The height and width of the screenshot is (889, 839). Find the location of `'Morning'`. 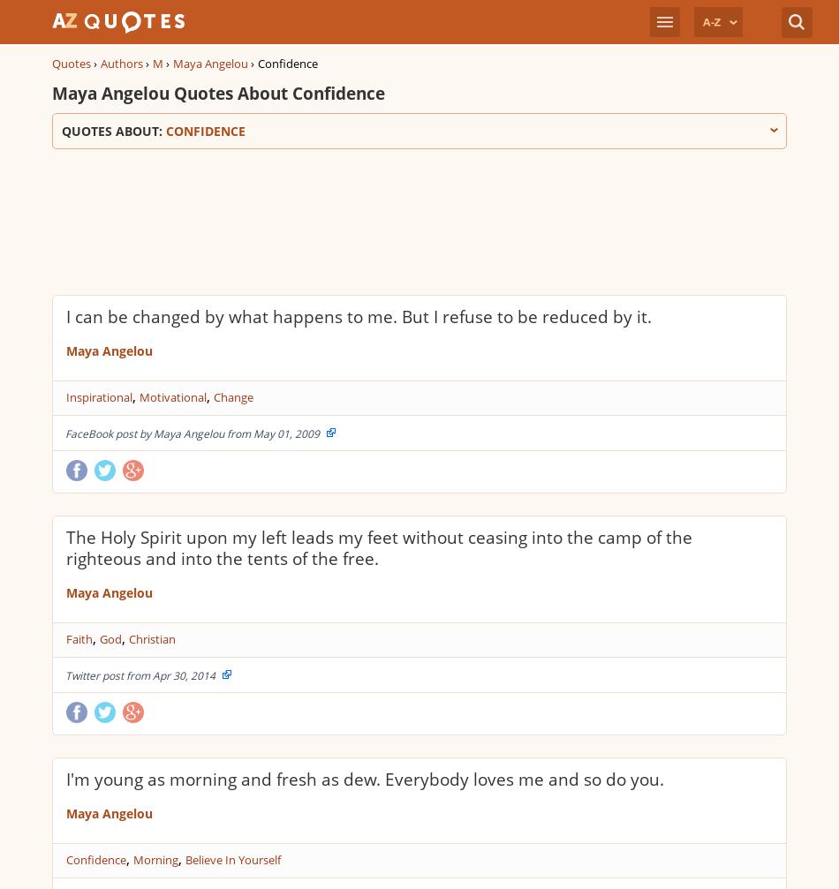

'Morning' is located at coordinates (155, 858).